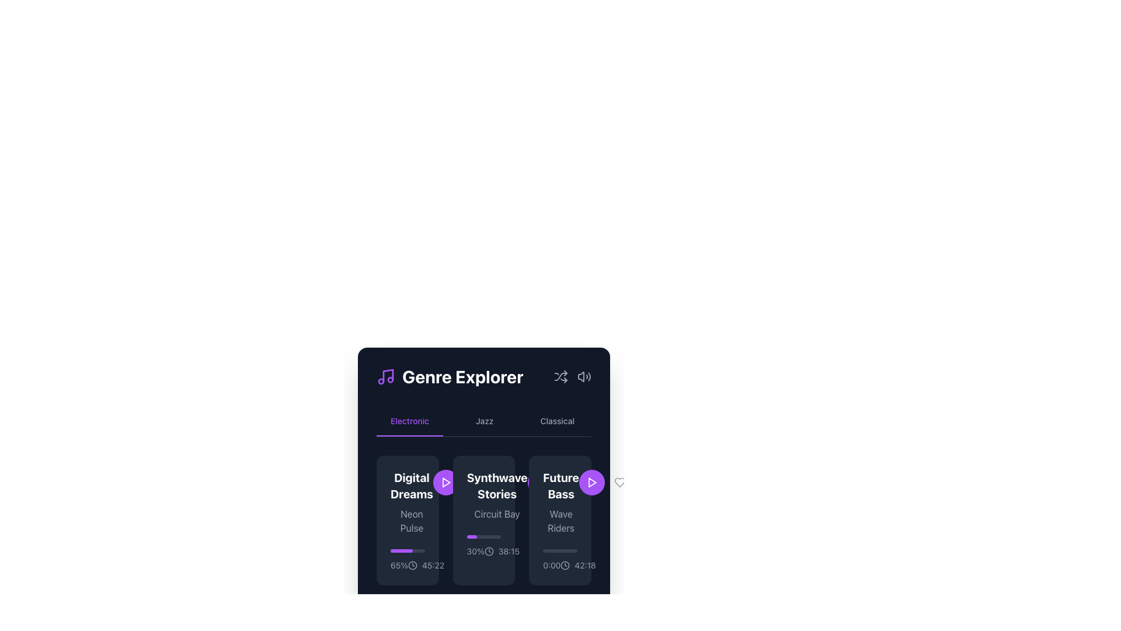 This screenshot has width=1121, height=631. I want to click on the triangular play icon button, which is centered within a circular purple button on the right side of the 'Future Bass' card, so click(445, 482).